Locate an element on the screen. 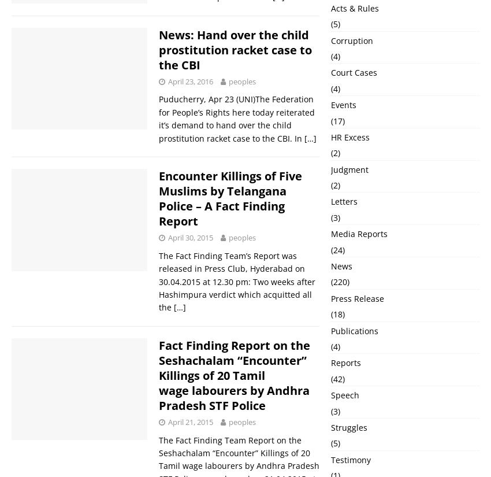  'News: Hand over the child prostitution racket case to the CBI' is located at coordinates (235, 49).